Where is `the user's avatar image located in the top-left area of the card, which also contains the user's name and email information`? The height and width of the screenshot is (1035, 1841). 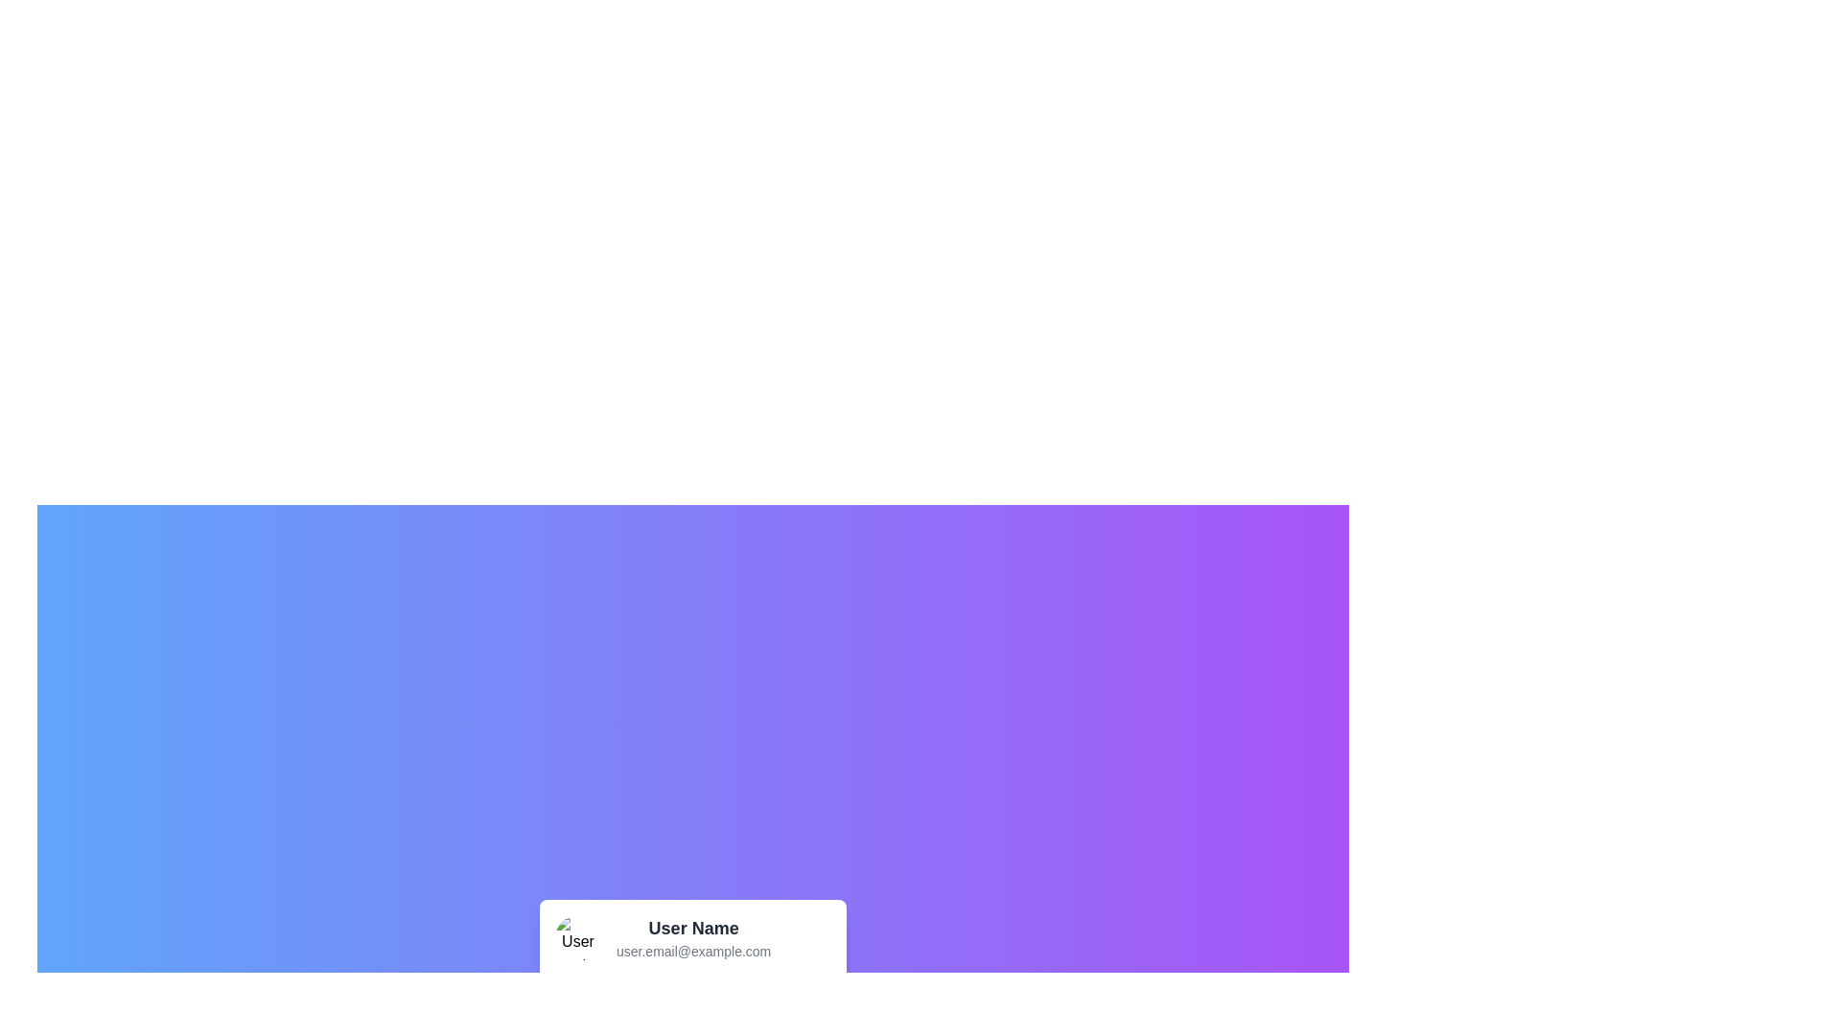 the user's avatar image located in the top-left area of the card, which also contains the user's name and email information is located at coordinates (577, 936).